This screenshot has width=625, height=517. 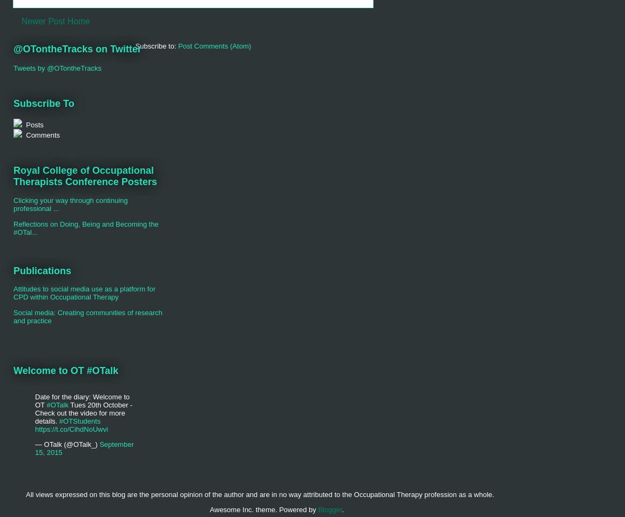 What do you see at coordinates (329, 509) in the screenshot?
I see `'Blogger'` at bounding box center [329, 509].